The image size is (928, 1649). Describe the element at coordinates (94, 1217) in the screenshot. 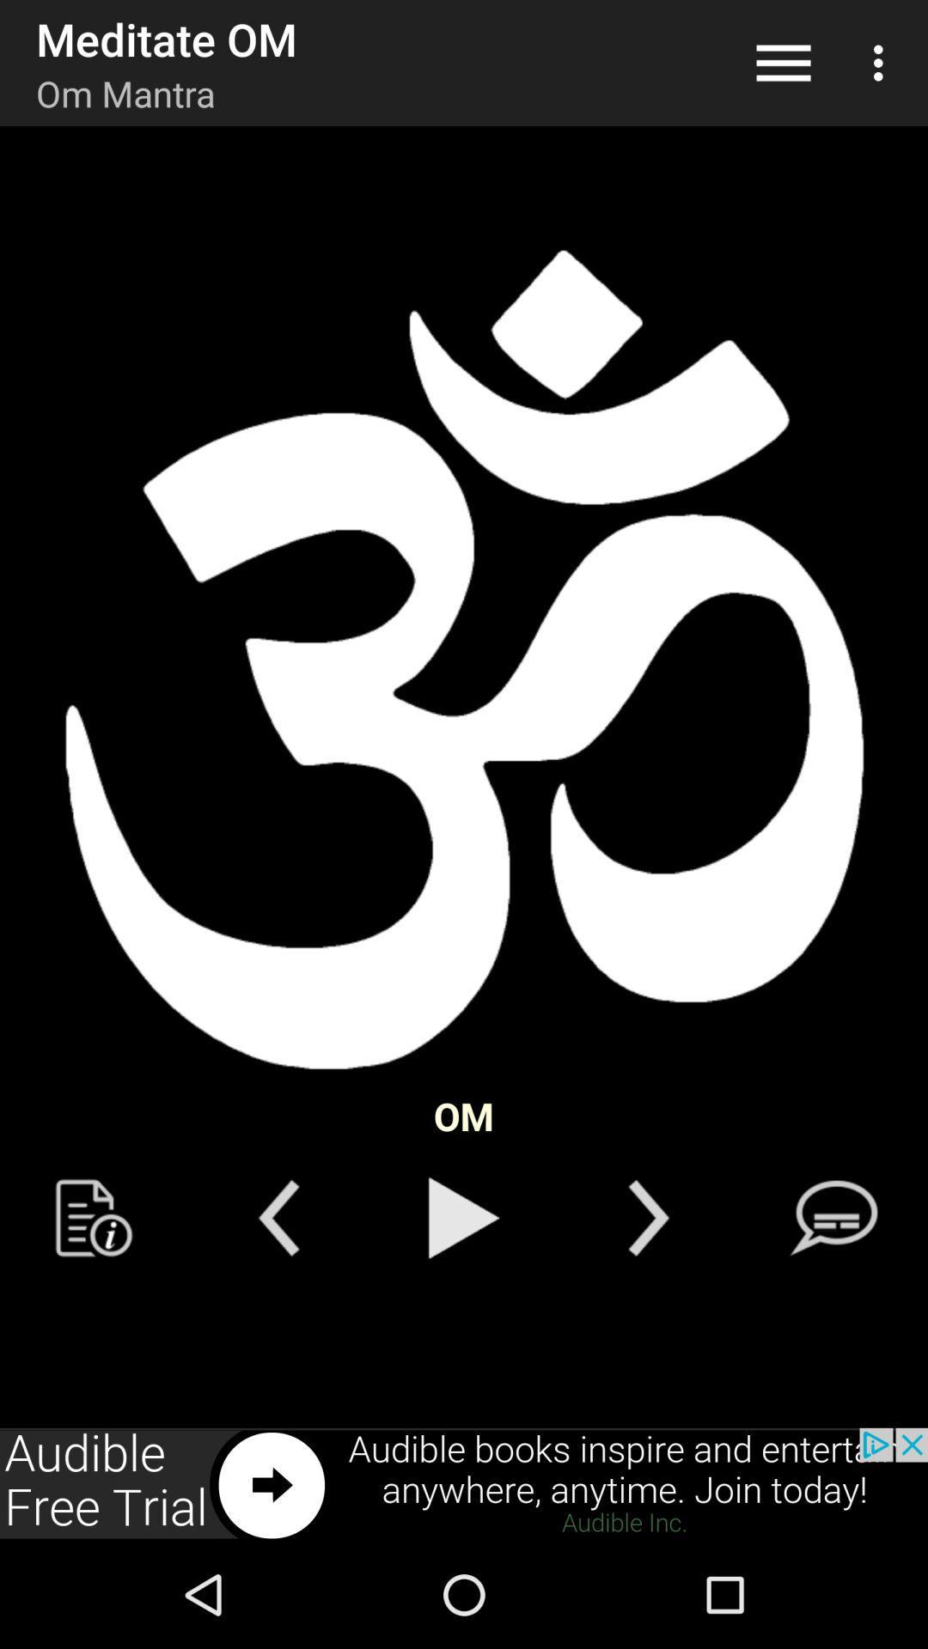

I see `icon button` at that location.